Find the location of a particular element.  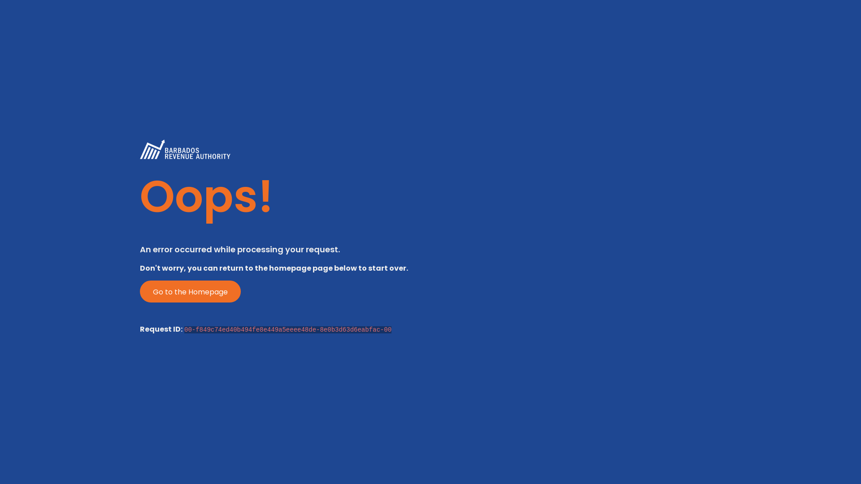

'Go to the Homepage' is located at coordinates (190, 291).